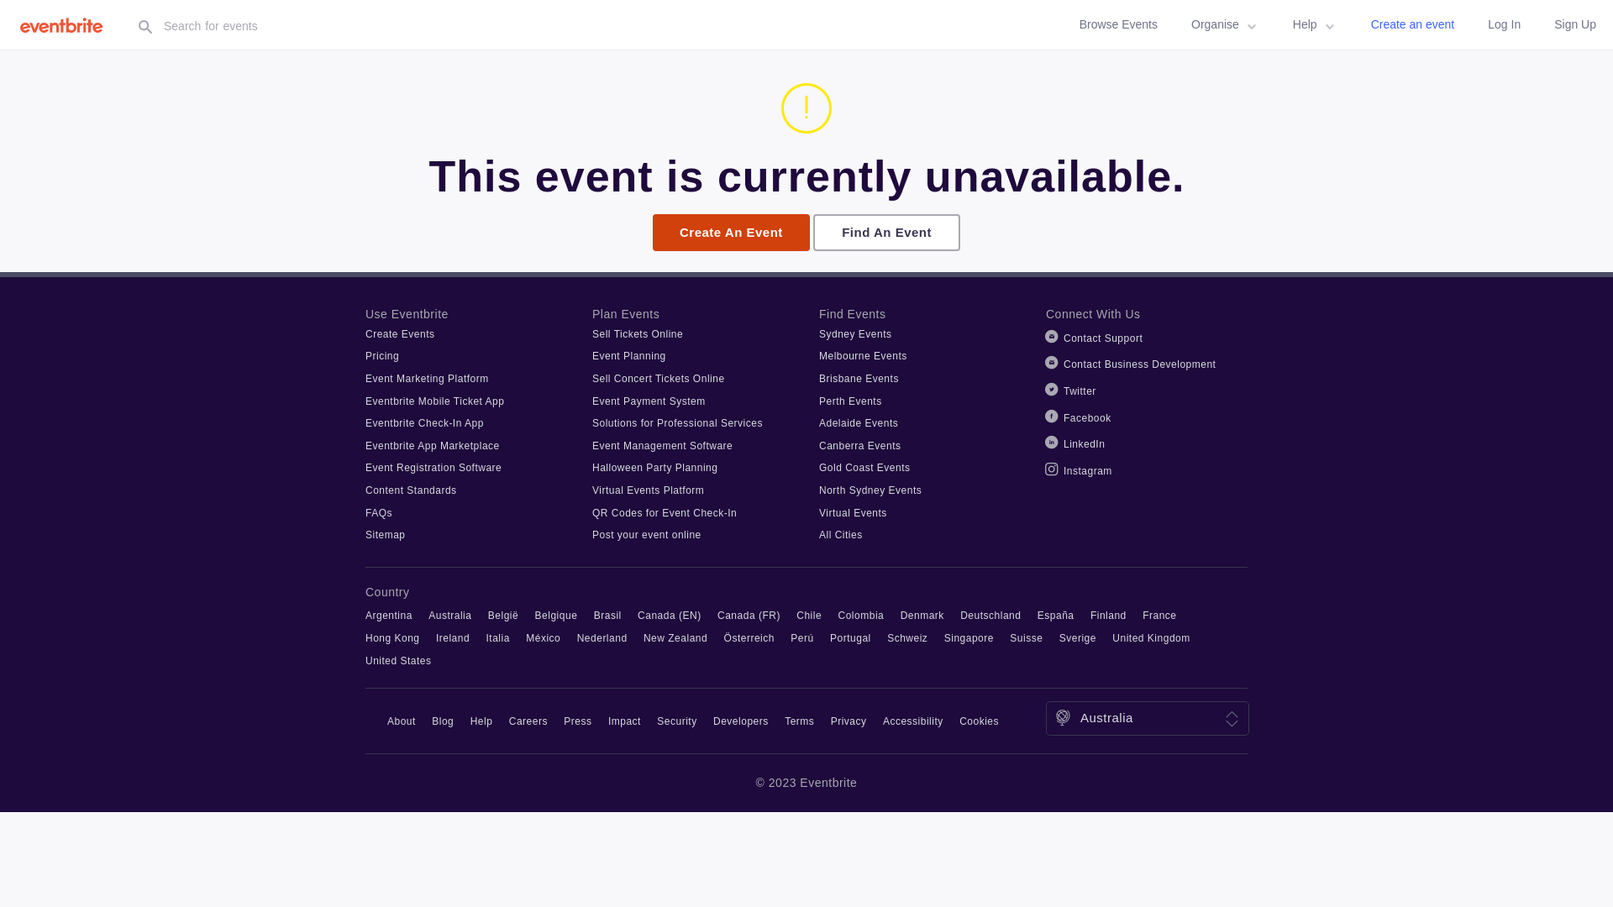 Image resolution: width=1613 pixels, height=907 pixels. Describe the element at coordinates (507, 721) in the screenshot. I see `'Careers'` at that location.